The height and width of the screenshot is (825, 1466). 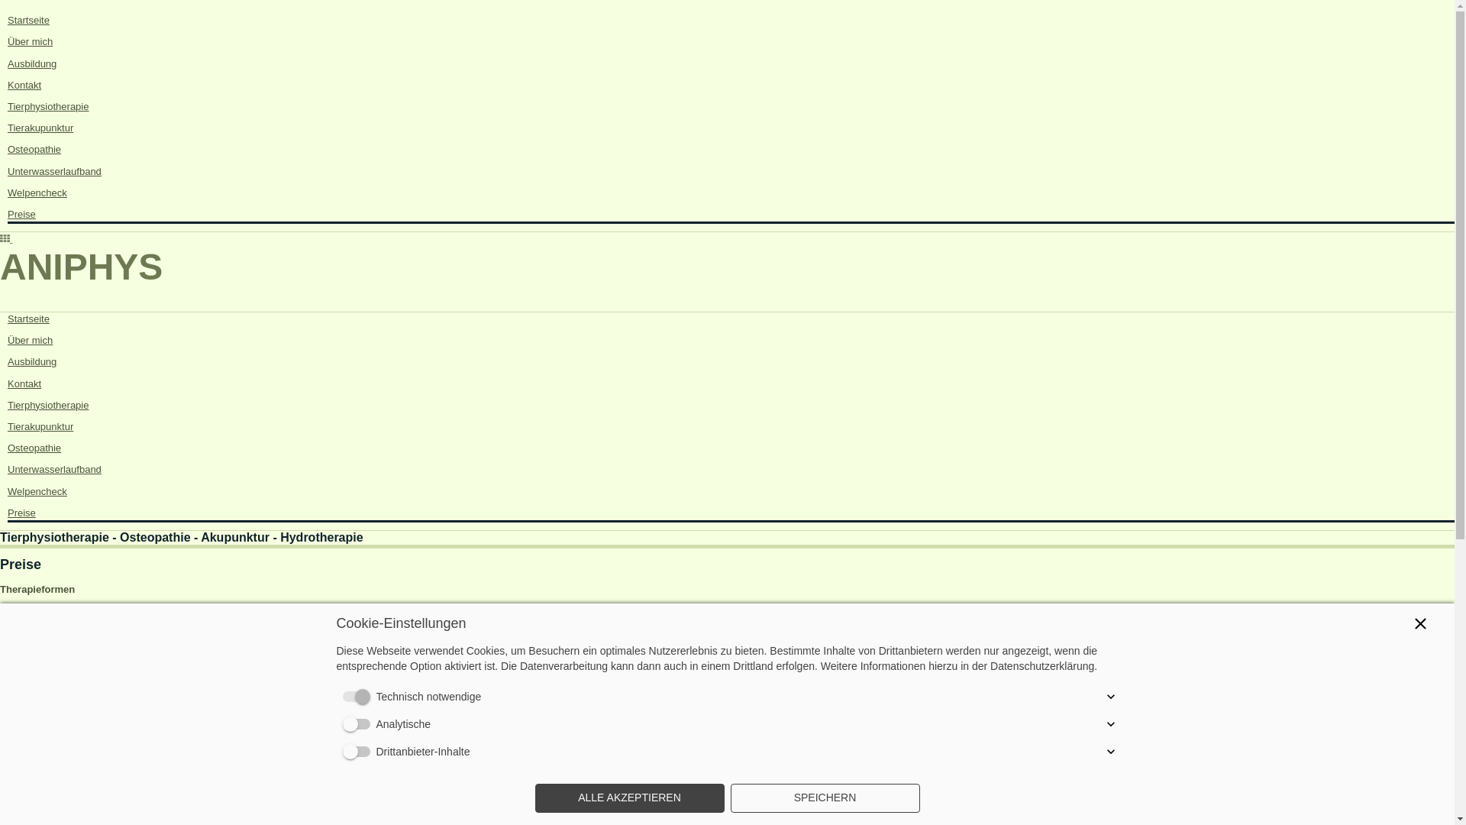 What do you see at coordinates (40, 426) in the screenshot?
I see `'Tierakupunktur'` at bounding box center [40, 426].